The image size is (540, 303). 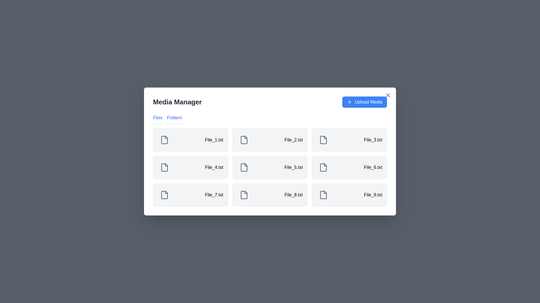 I want to click on or highlight the text of the file label 'File_5.txt' located in the third row, second column of the grid layout, so click(x=293, y=167).